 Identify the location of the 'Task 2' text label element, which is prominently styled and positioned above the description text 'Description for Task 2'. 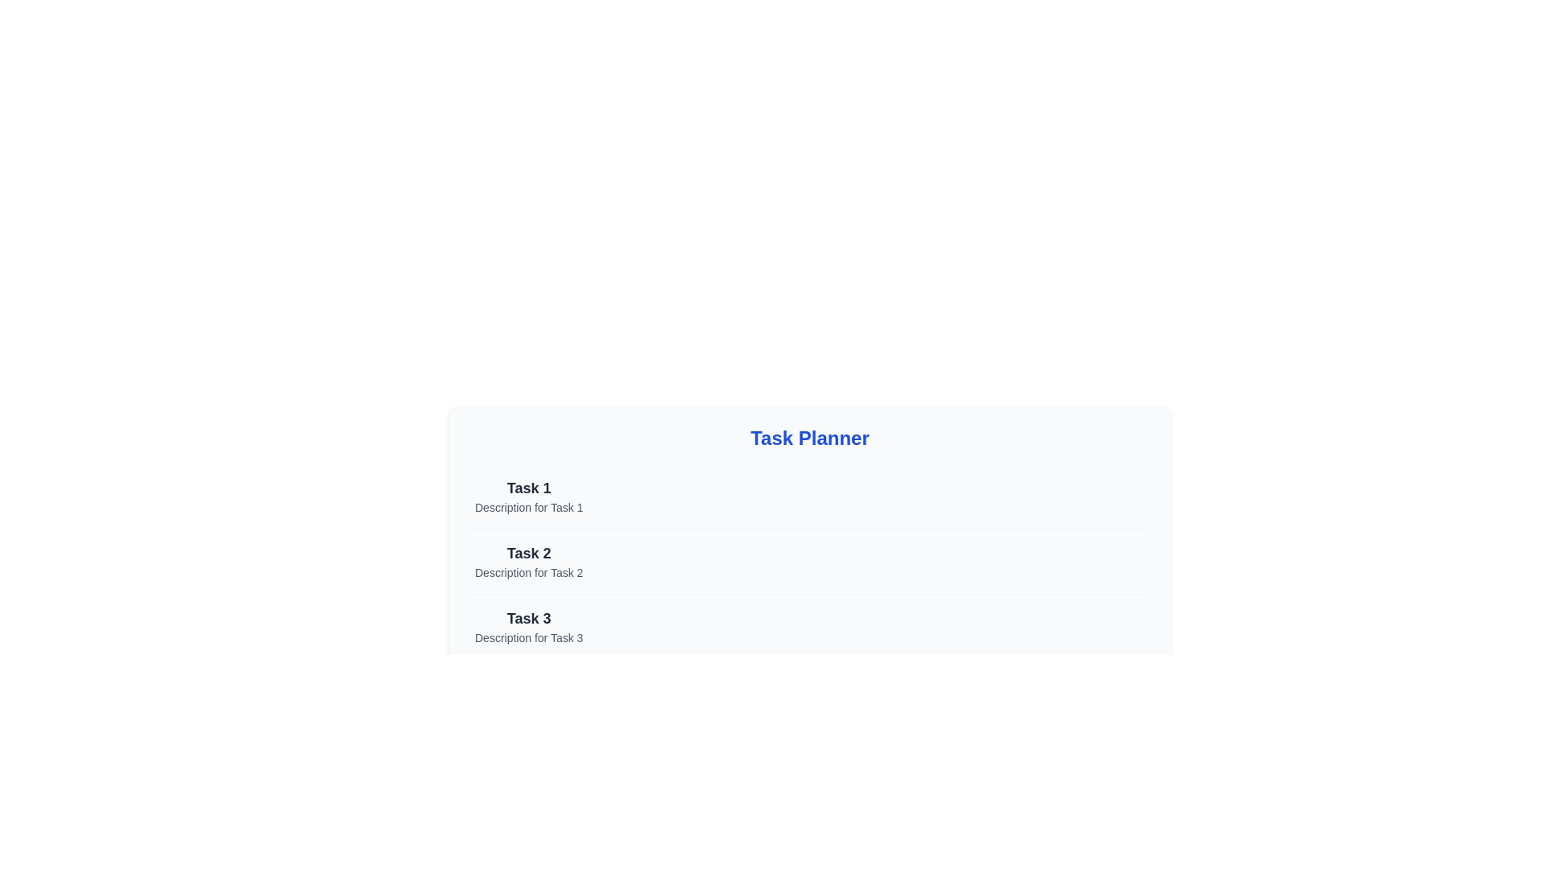
(529, 552).